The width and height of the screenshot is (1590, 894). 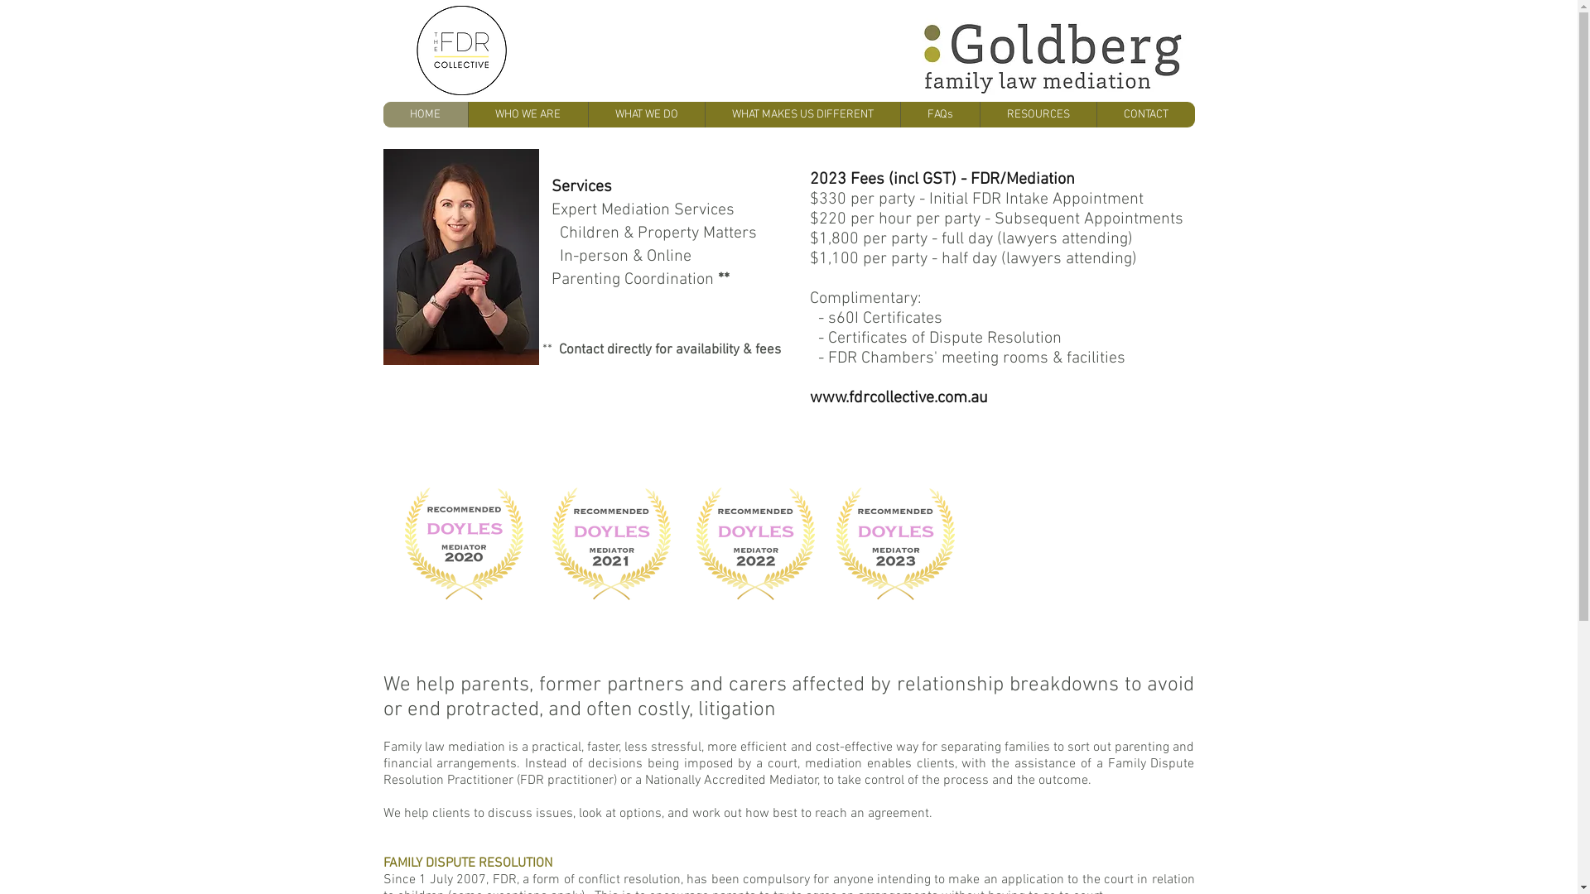 What do you see at coordinates (898, 398) in the screenshot?
I see `'www.fdrcollective.com.au'` at bounding box center [898, 398].